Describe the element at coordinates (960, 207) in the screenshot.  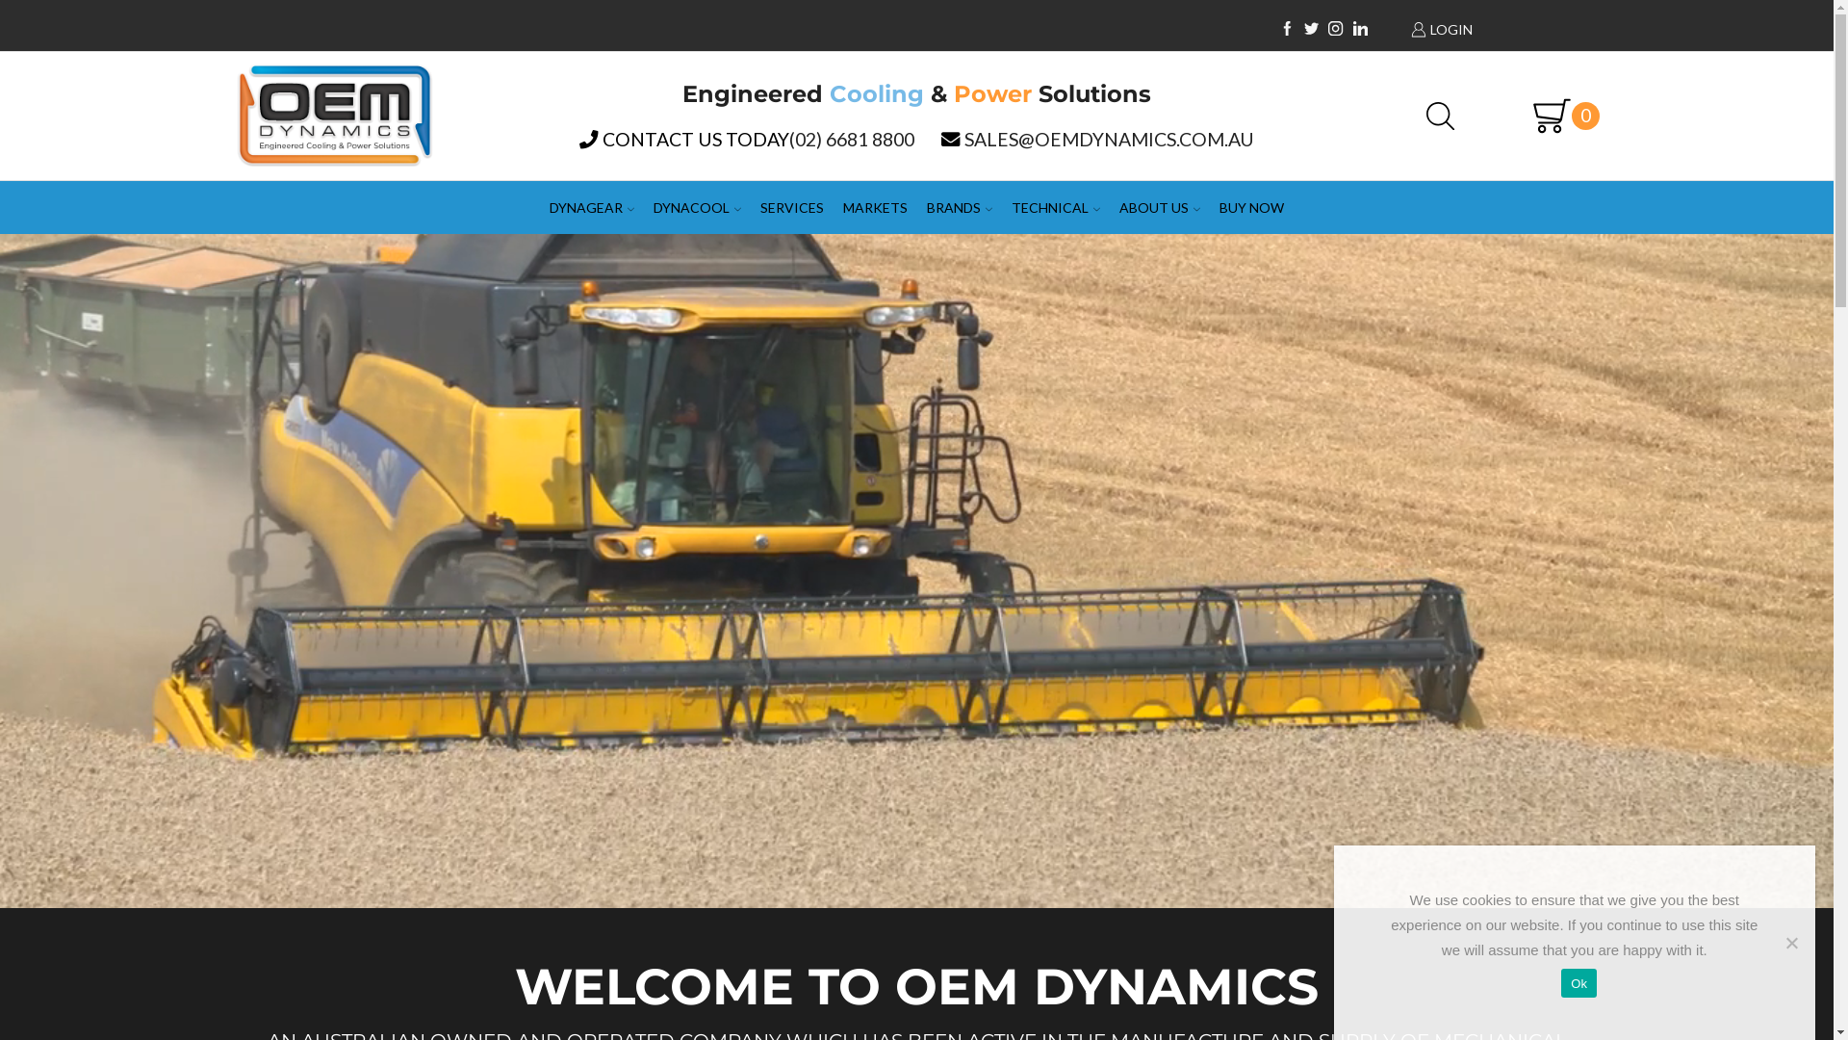
I see `'BRANDS'` at that location.